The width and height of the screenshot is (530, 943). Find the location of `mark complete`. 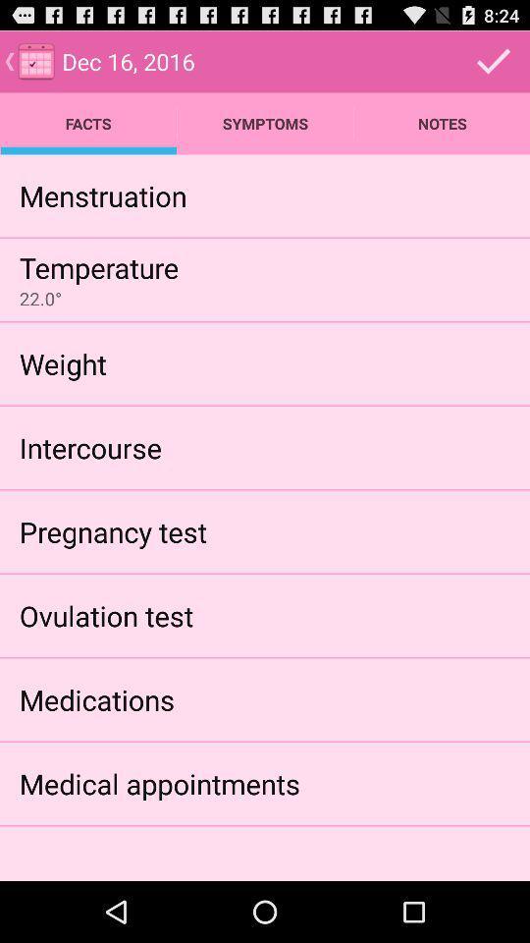

mark complete is located at coordinates (493, 61).